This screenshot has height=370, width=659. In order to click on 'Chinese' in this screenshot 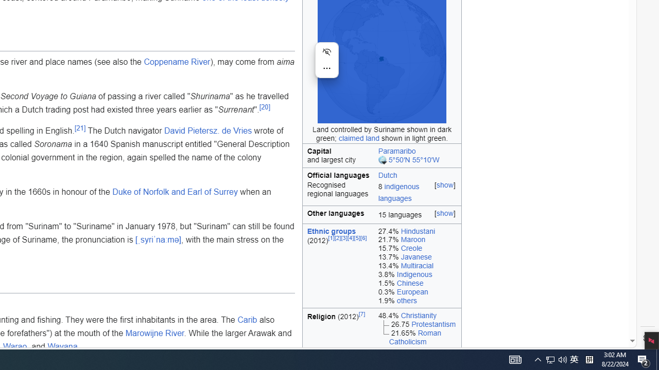, I will do `click(409, 283)`.